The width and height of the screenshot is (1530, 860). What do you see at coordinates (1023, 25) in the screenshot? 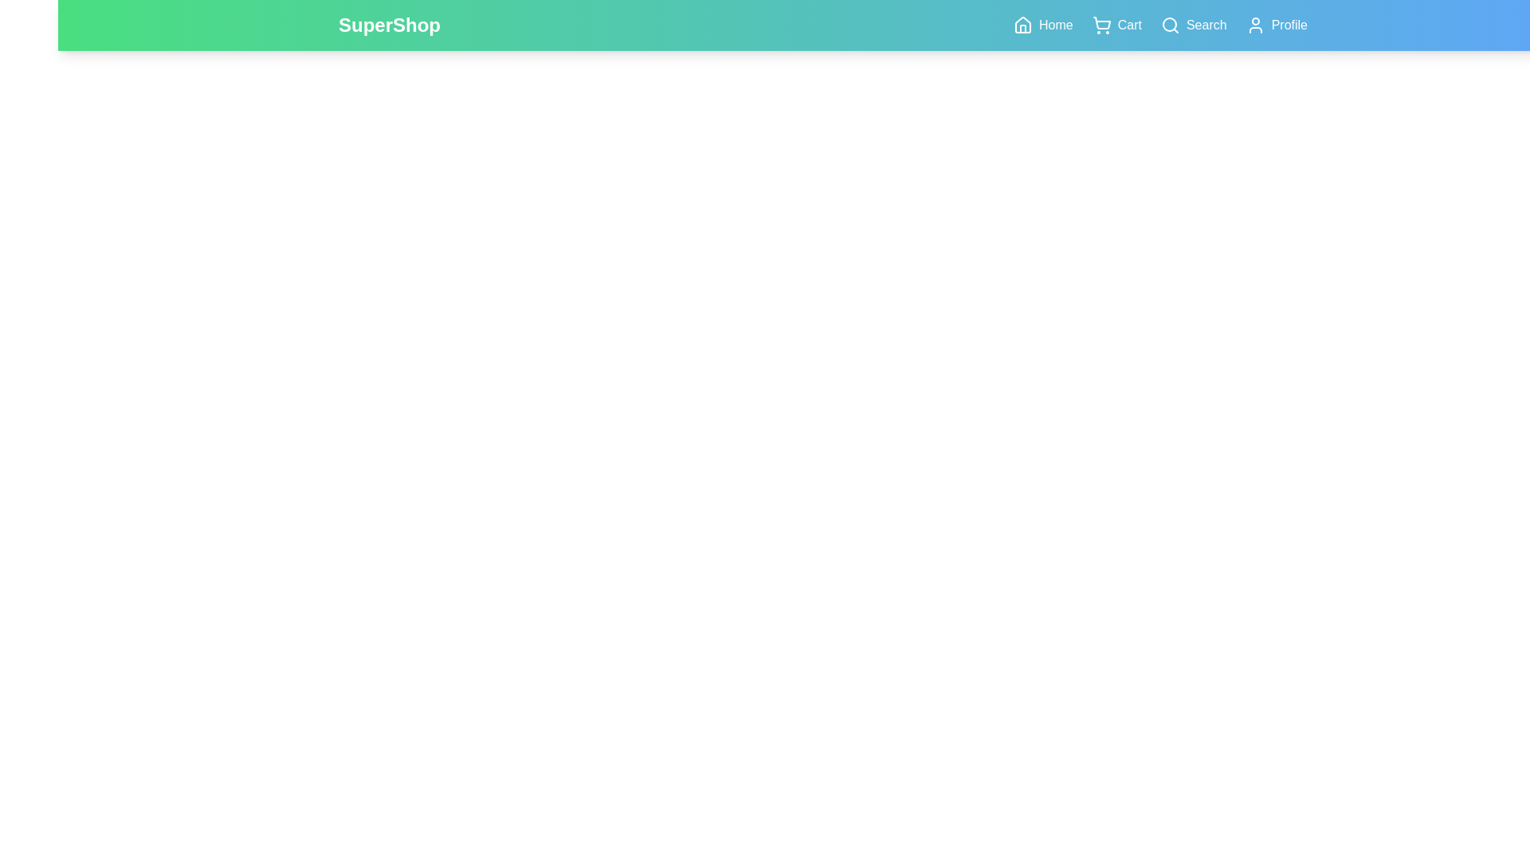
I see `the outer frame of the house icon in the navigation bar` at bounding box center [1023, 25].